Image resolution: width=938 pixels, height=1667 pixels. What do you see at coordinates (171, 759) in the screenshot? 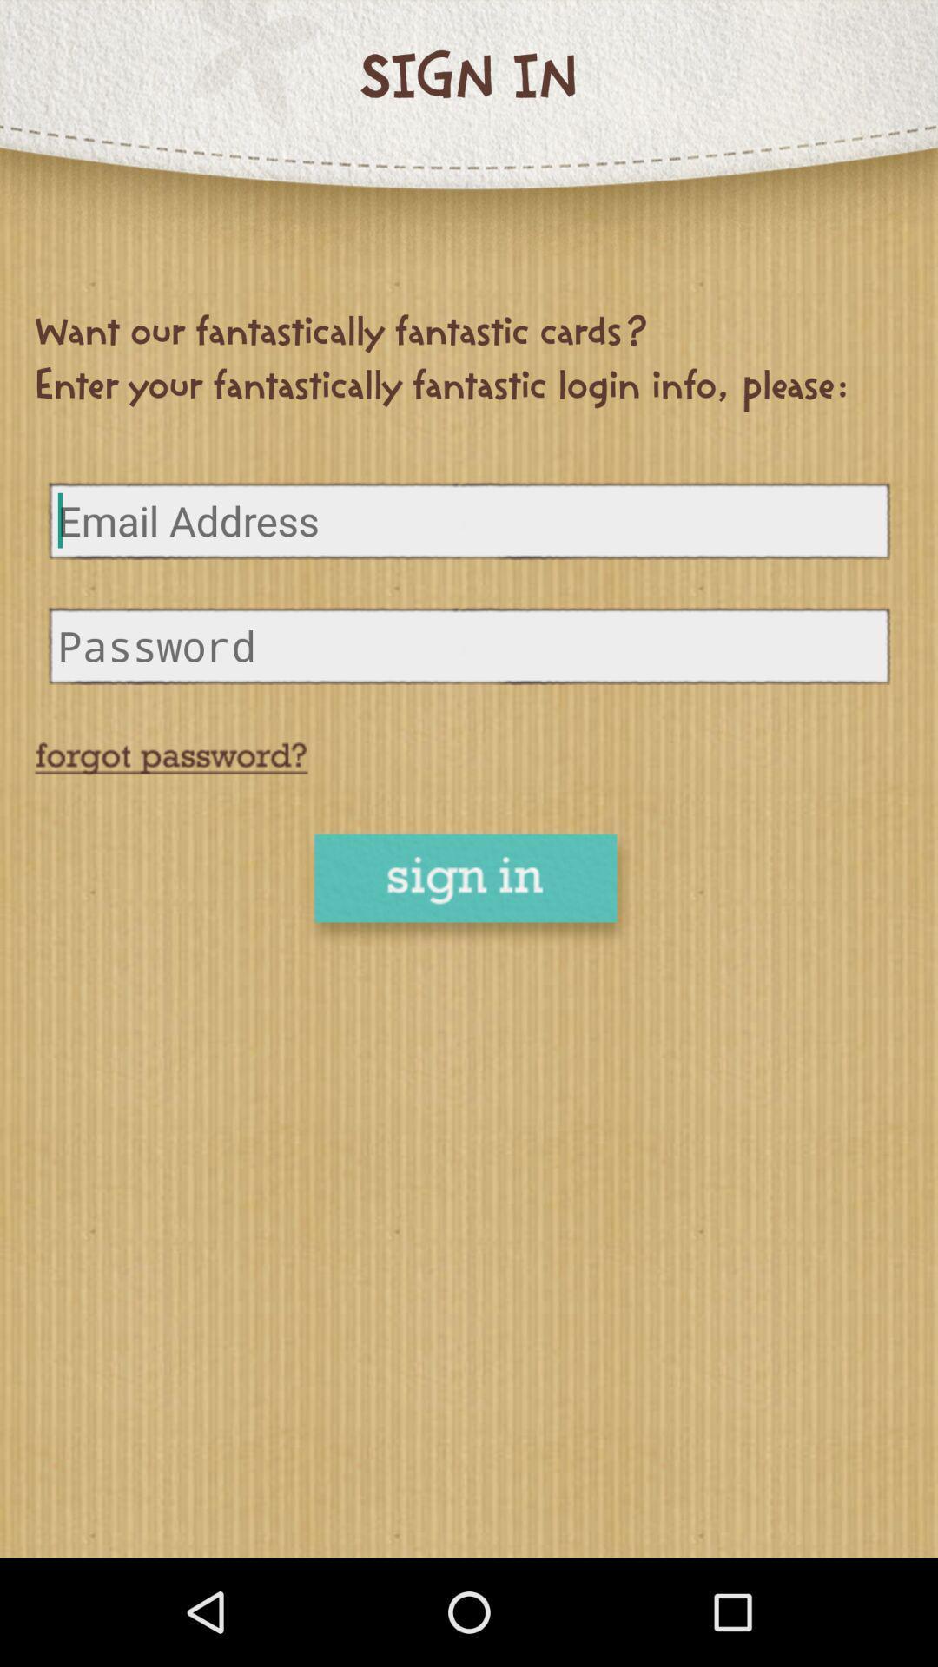
I see `reset password` at bounding box center [171, 759].